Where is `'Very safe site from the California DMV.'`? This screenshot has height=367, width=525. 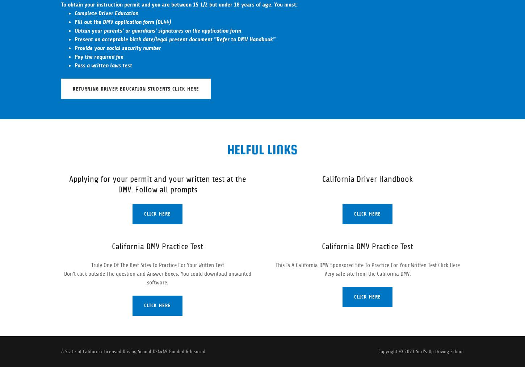
'Very safe site from the California DMV.' is located at coordinates (367, 273).